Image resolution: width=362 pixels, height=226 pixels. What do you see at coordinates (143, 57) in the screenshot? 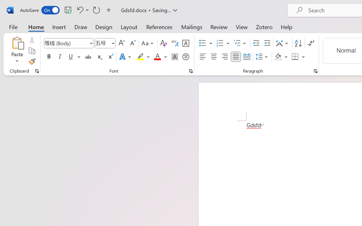
I see `'Text Highlight Color'` at bounding box center [143, 57].